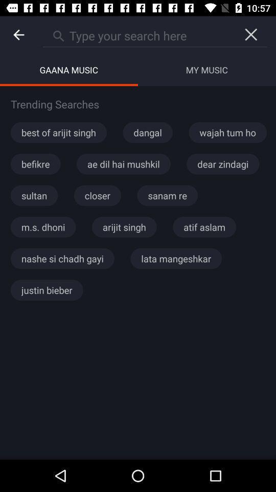  Describe the element at coordinates (18, 35) in the screenshot. I see `go back` at that location.